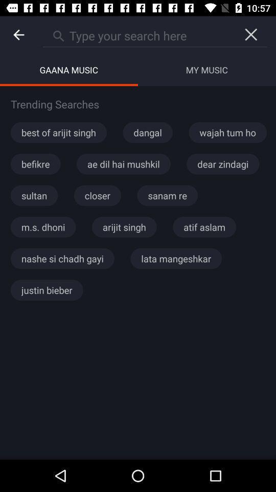  Describe the element at coordinates (18, 35) in the screenshot. I see `go back` at that location.